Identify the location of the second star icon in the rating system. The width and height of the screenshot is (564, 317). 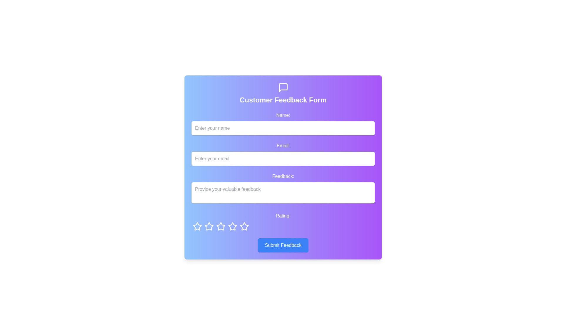
(209, 226).